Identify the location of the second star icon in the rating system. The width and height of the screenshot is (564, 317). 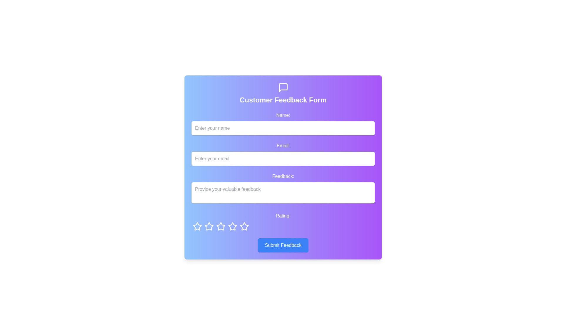
(209, 226).